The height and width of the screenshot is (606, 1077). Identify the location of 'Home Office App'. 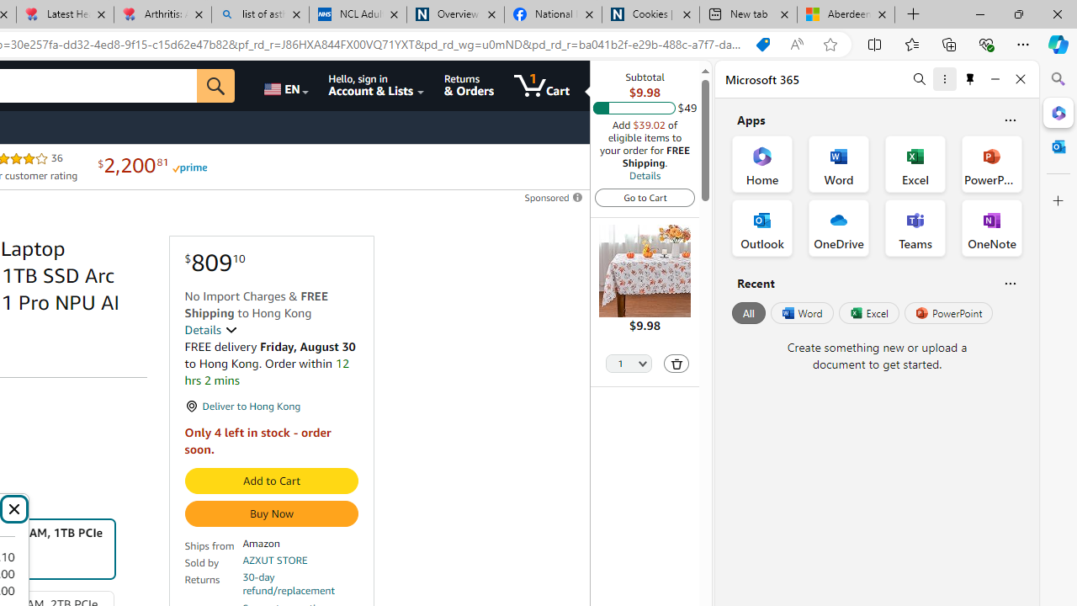
(761, 164).